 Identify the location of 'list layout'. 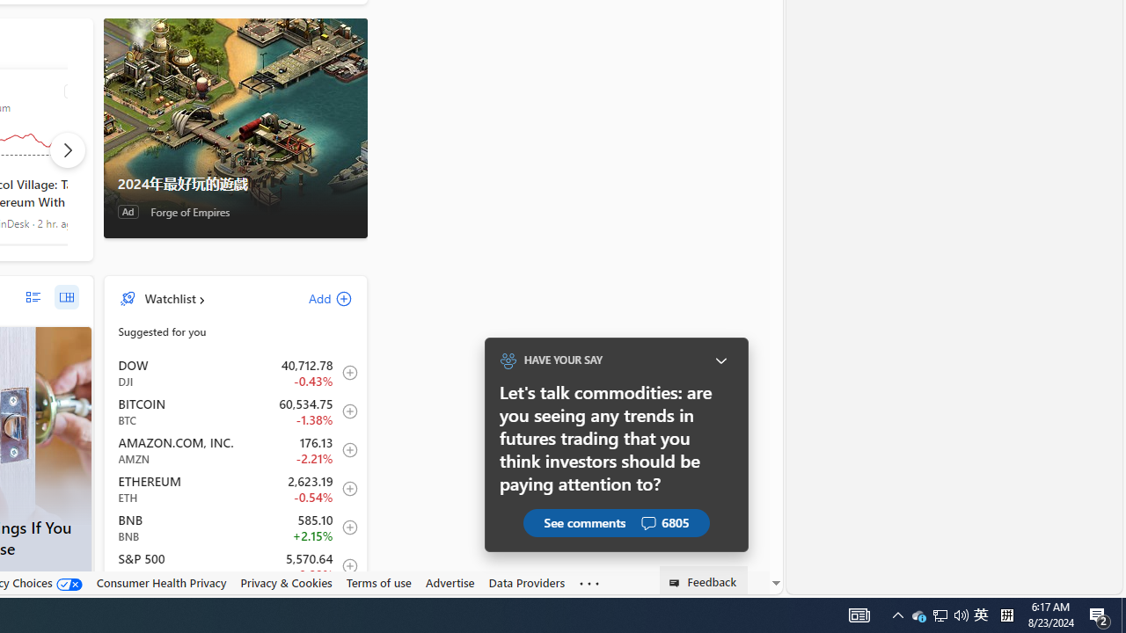
(33, 296).